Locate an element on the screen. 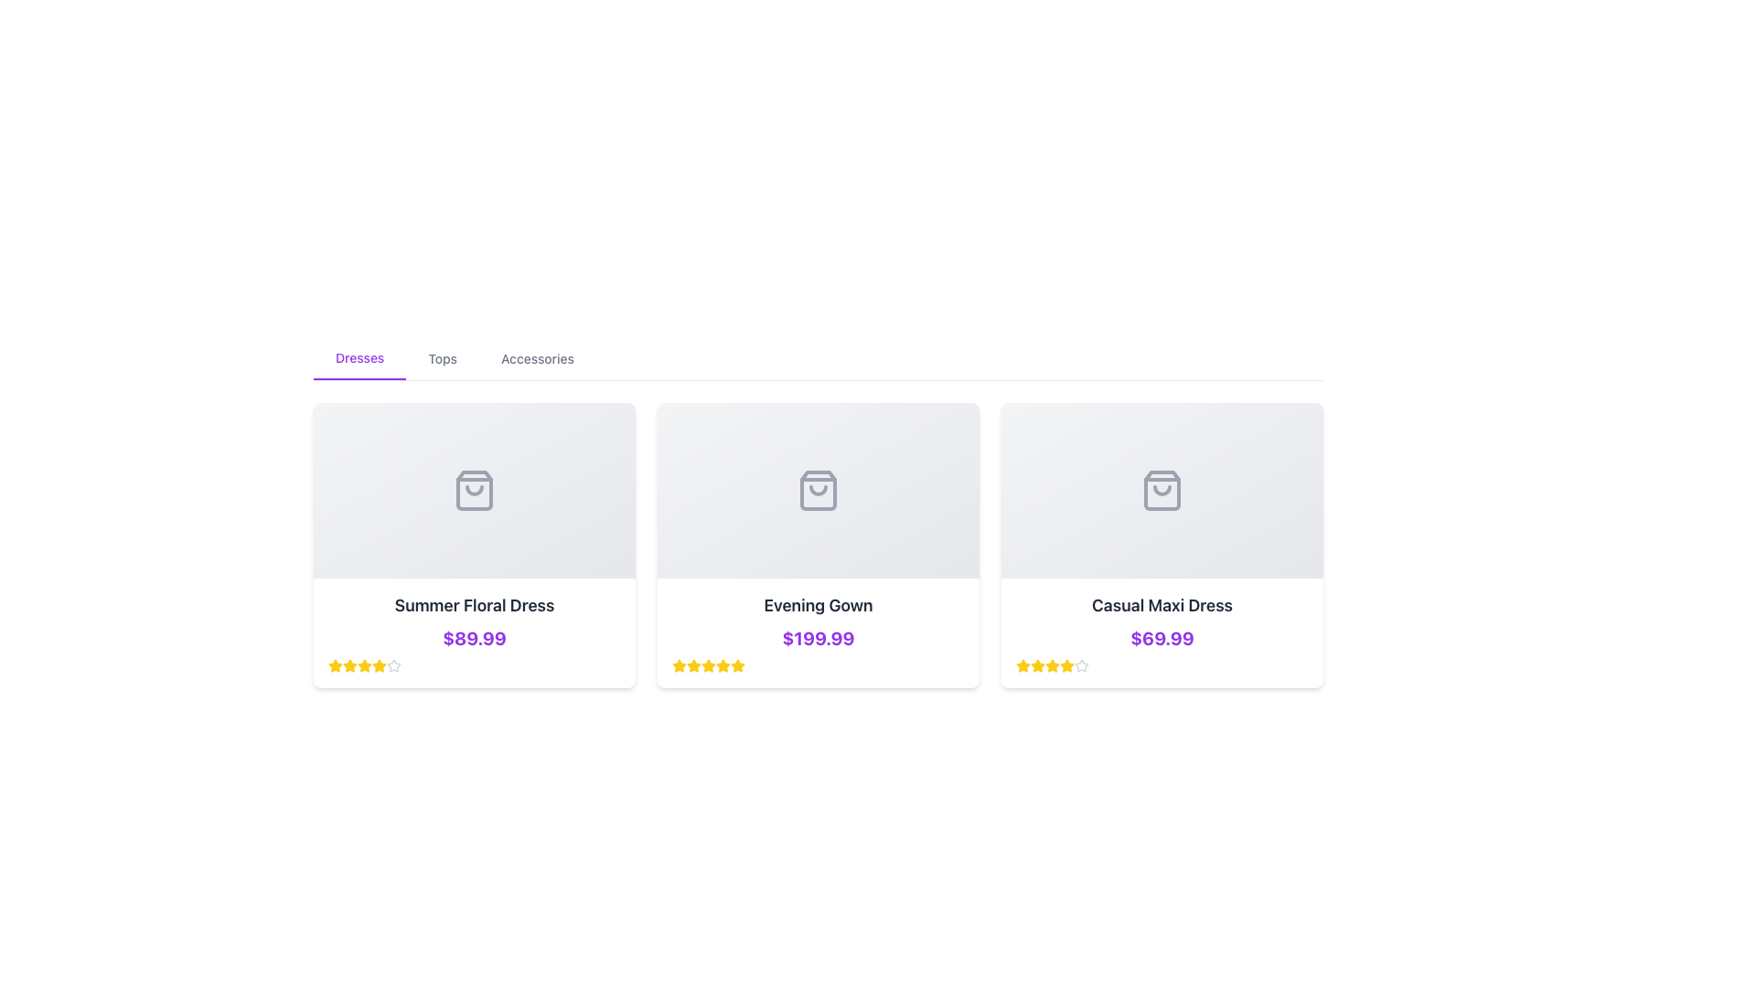 The height and width of the screenshot is (987, 1756). text of the product title label located in the first card of the product list, which is positioned above the price label '$89.99' and below the image placeholder is located at coordinates (474, 606).